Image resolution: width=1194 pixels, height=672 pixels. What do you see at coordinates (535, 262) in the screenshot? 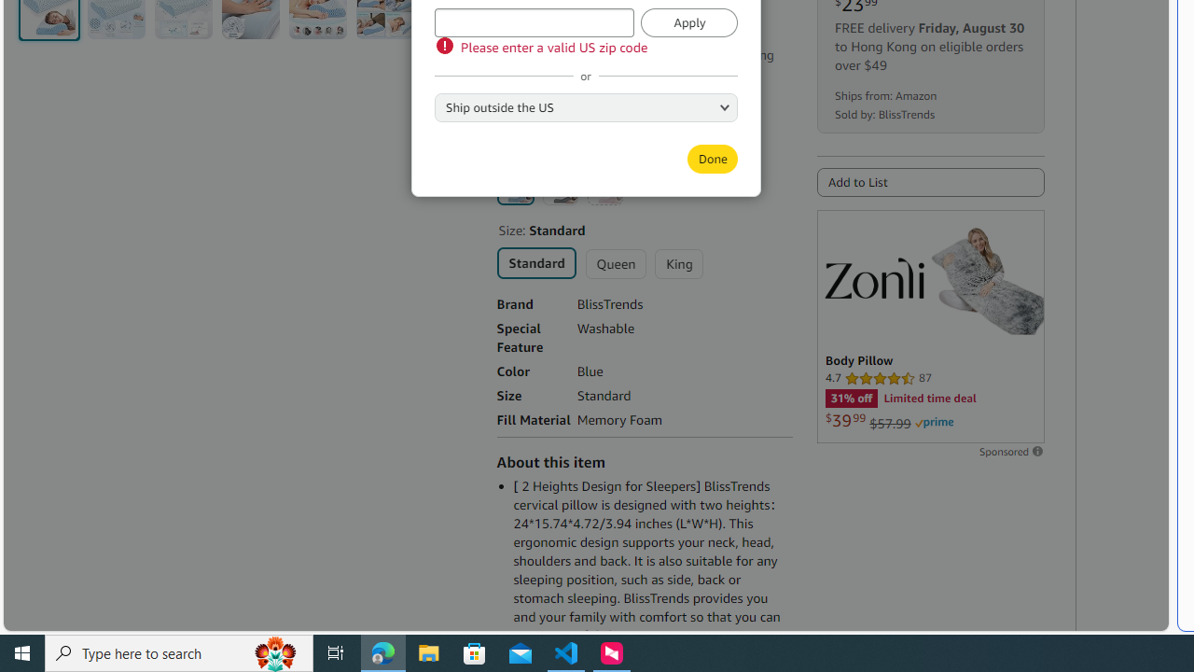
I see `'Standard'` at bounding box center [535, 262].